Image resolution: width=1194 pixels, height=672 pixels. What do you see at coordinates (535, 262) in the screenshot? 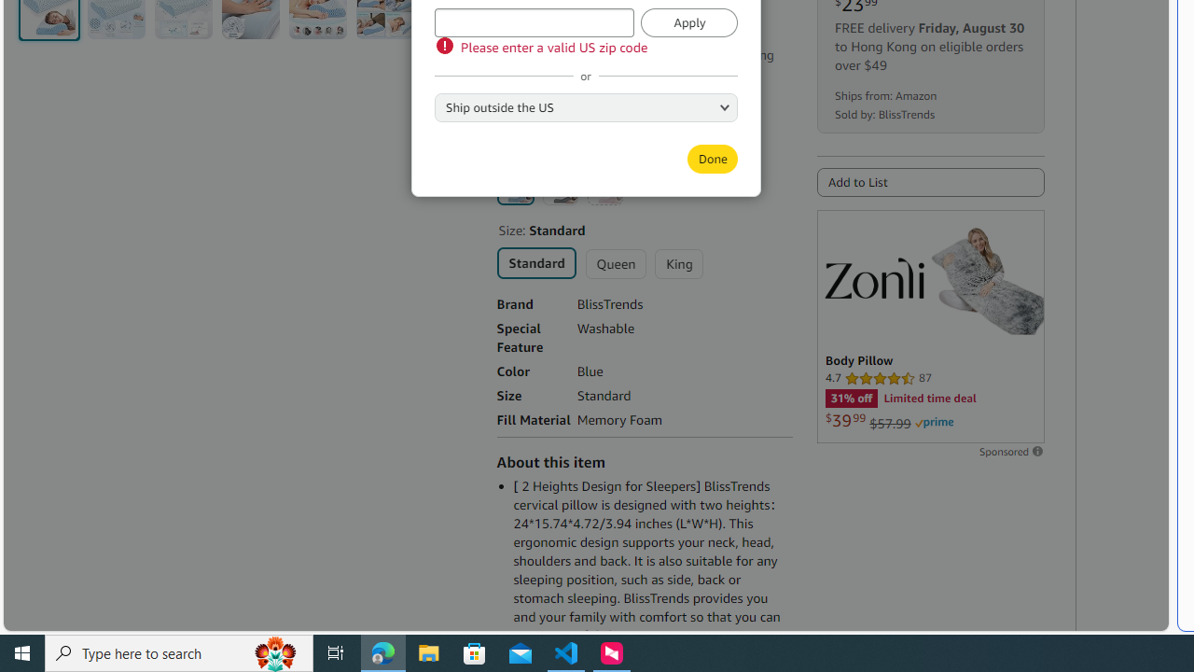
I see `'Standard'` at bounding box center [535, 262].